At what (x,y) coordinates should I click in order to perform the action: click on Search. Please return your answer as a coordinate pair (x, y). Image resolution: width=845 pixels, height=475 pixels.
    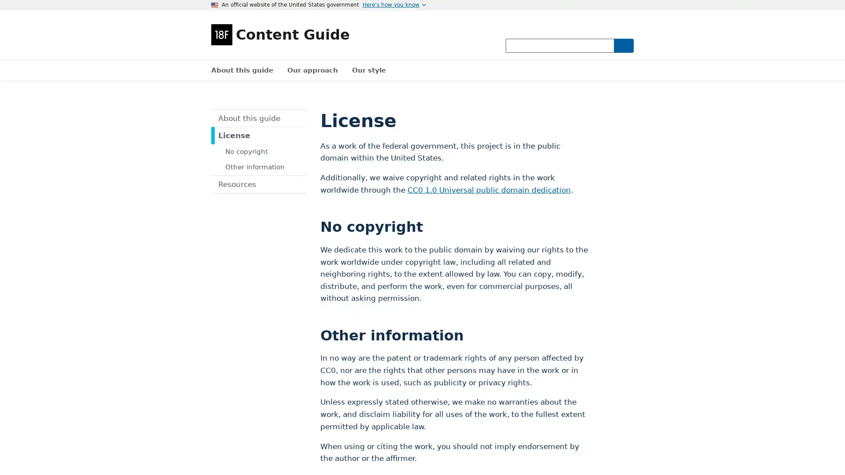
    Looking at the image, I should click on (623, 45).